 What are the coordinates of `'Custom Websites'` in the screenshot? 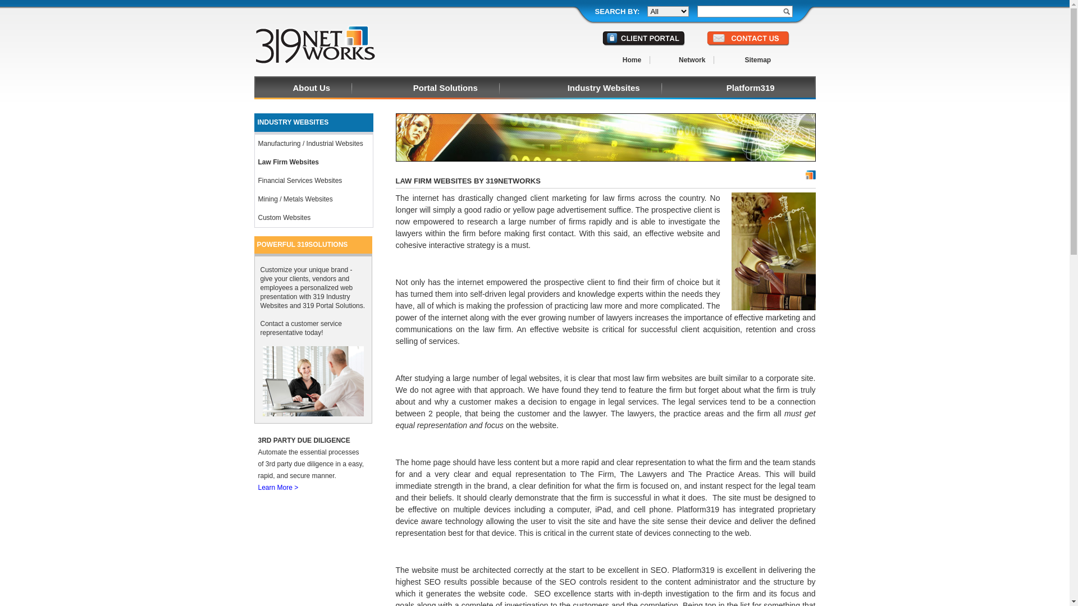 It's located at (313, 218).